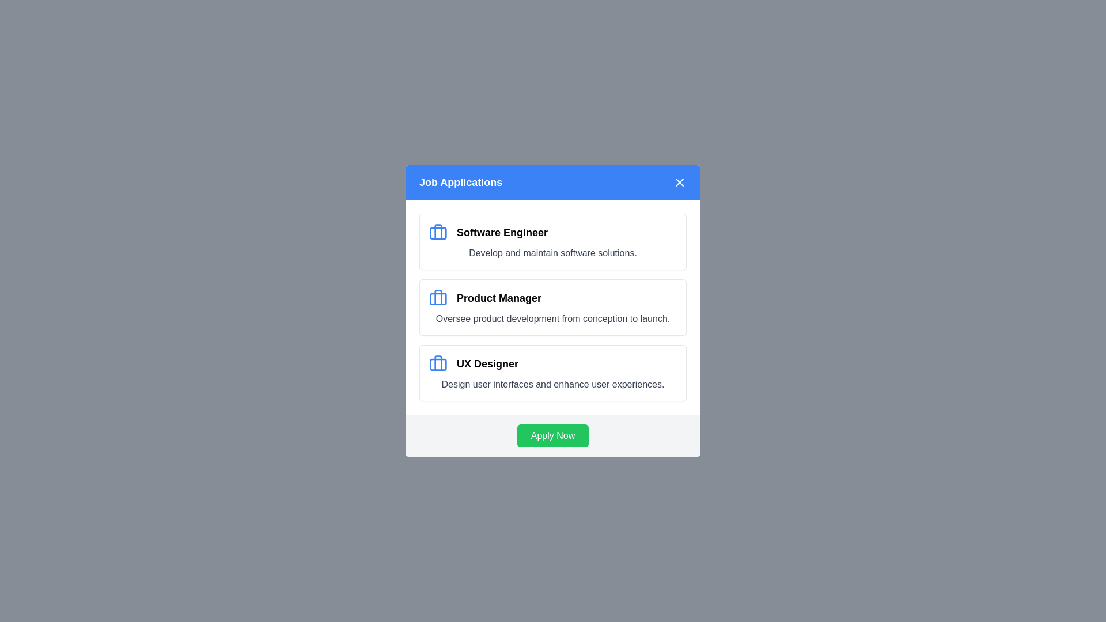 Image resolution: width=1106 pixels, height=622 pixels. What do you see at coordinates (438, 364) in the screenshot?
I see `the SVG shape that is part of the briefcase icon next to the 'UX Designer' text` at bounding box center [438, 364].